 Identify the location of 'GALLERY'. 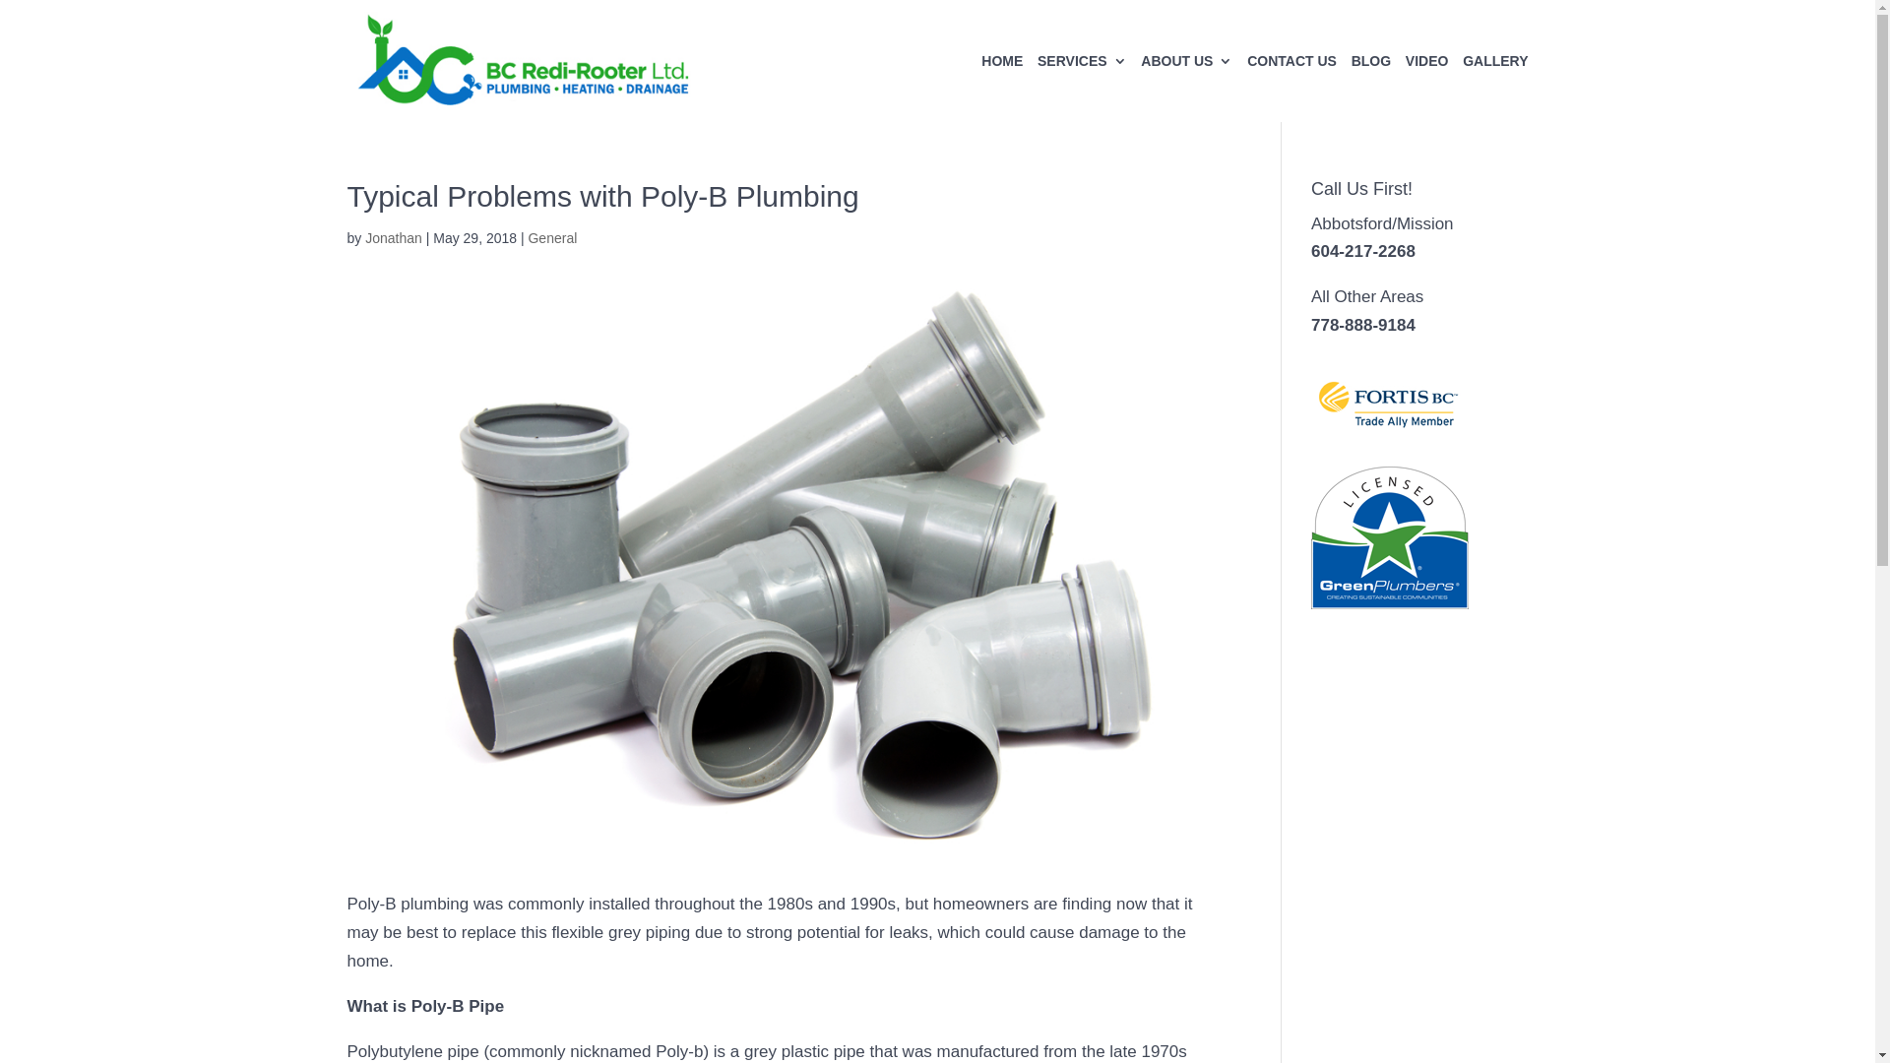
(1463, 87).